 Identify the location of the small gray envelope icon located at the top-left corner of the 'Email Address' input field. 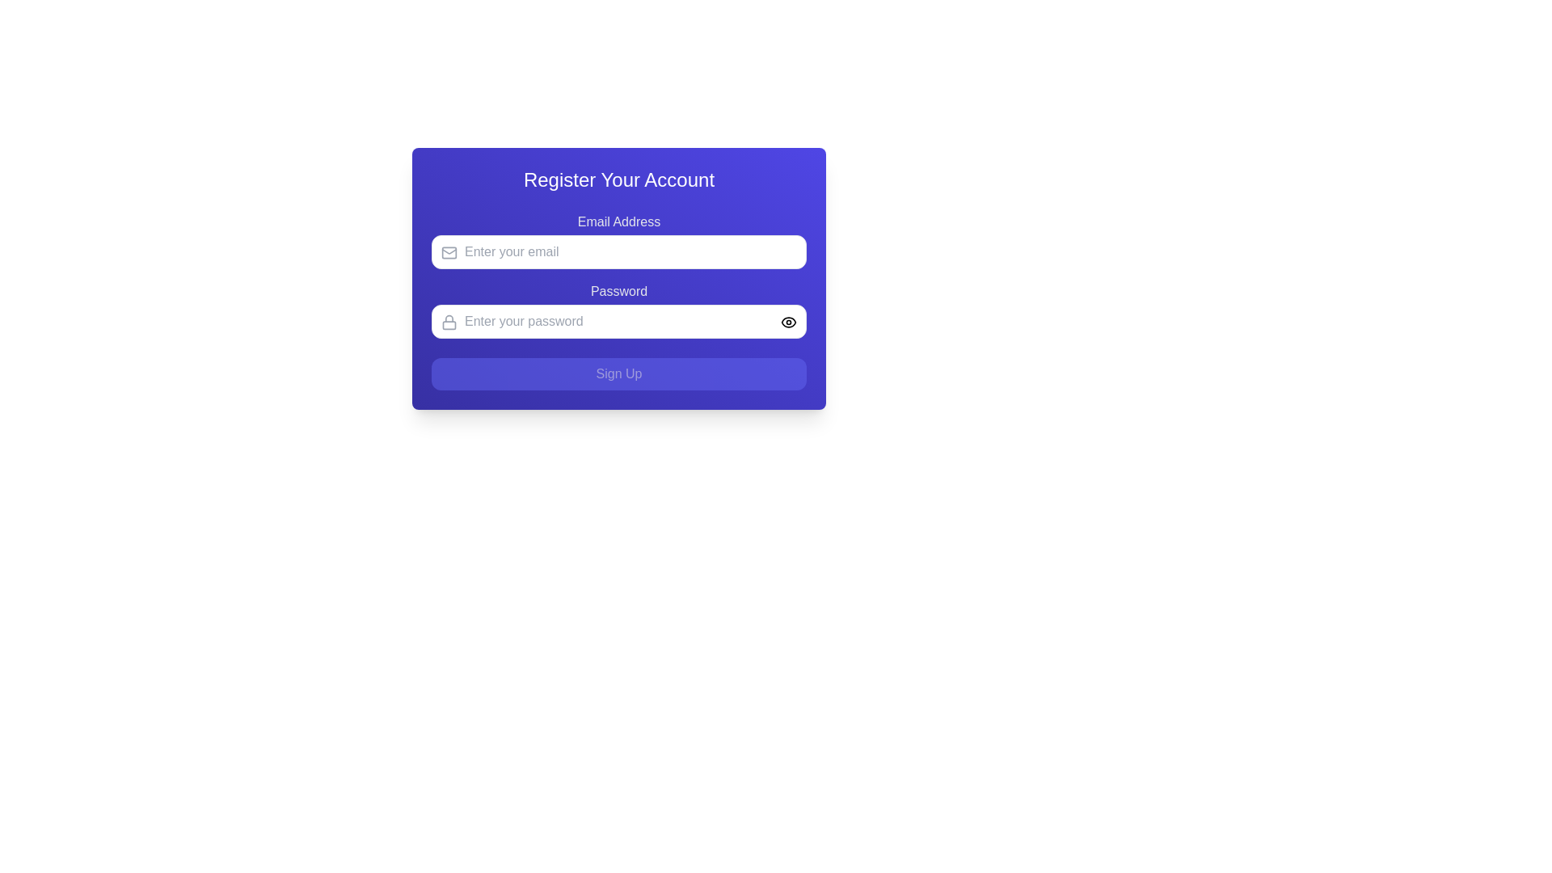
(449, 252).